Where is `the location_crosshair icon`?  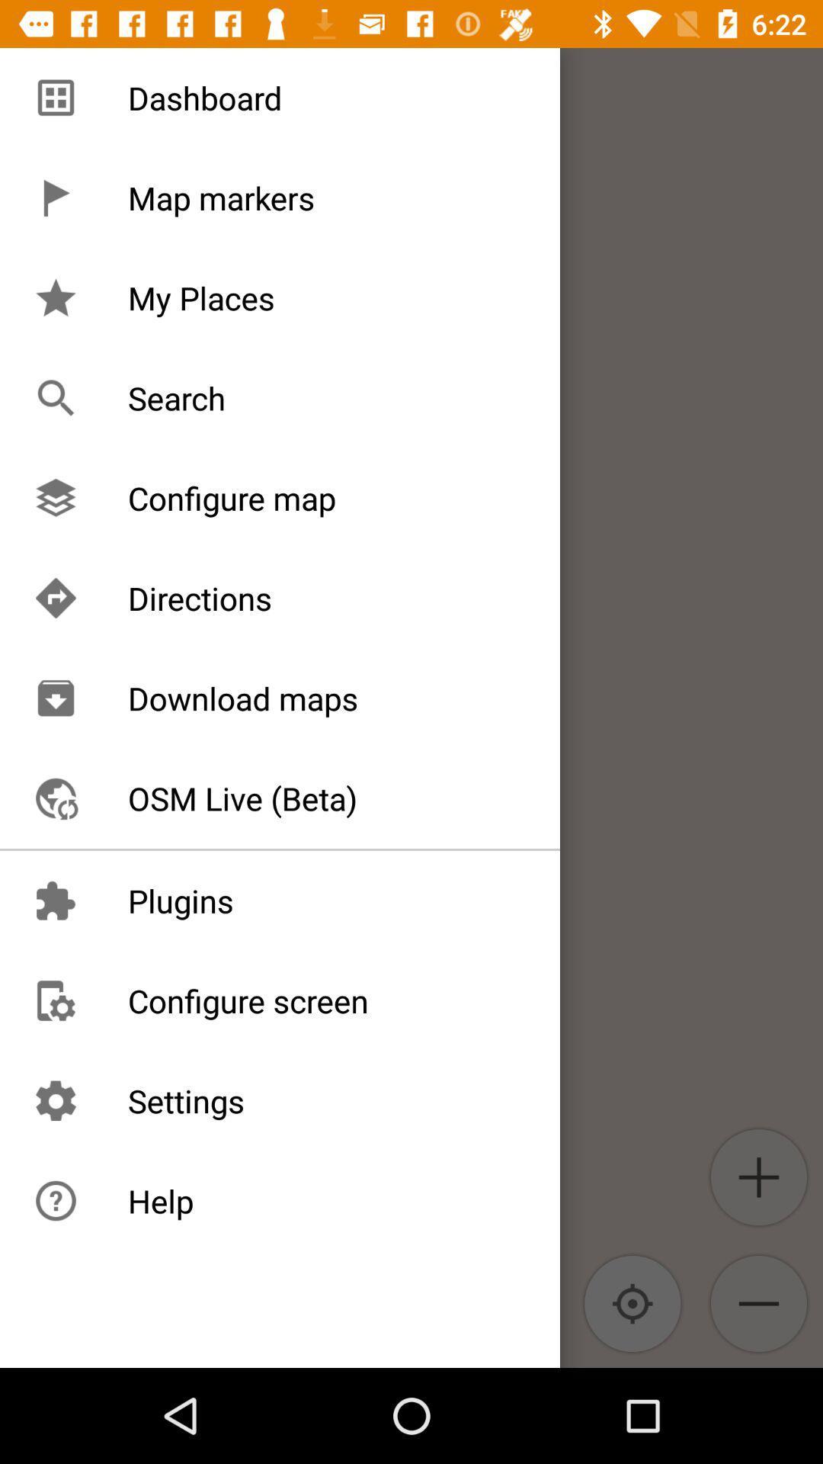
the location_crosshair icon is located at coordinates (632, 1302).